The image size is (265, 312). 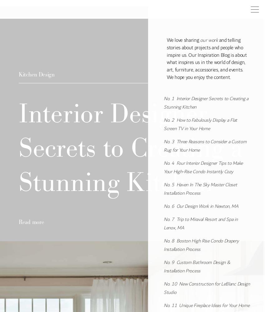 What do you see at coordinates (163, 188) in the screenshot?
I see `'Haven In The Sky Master Closet Installation Process'` at bounding box center [163, 188].